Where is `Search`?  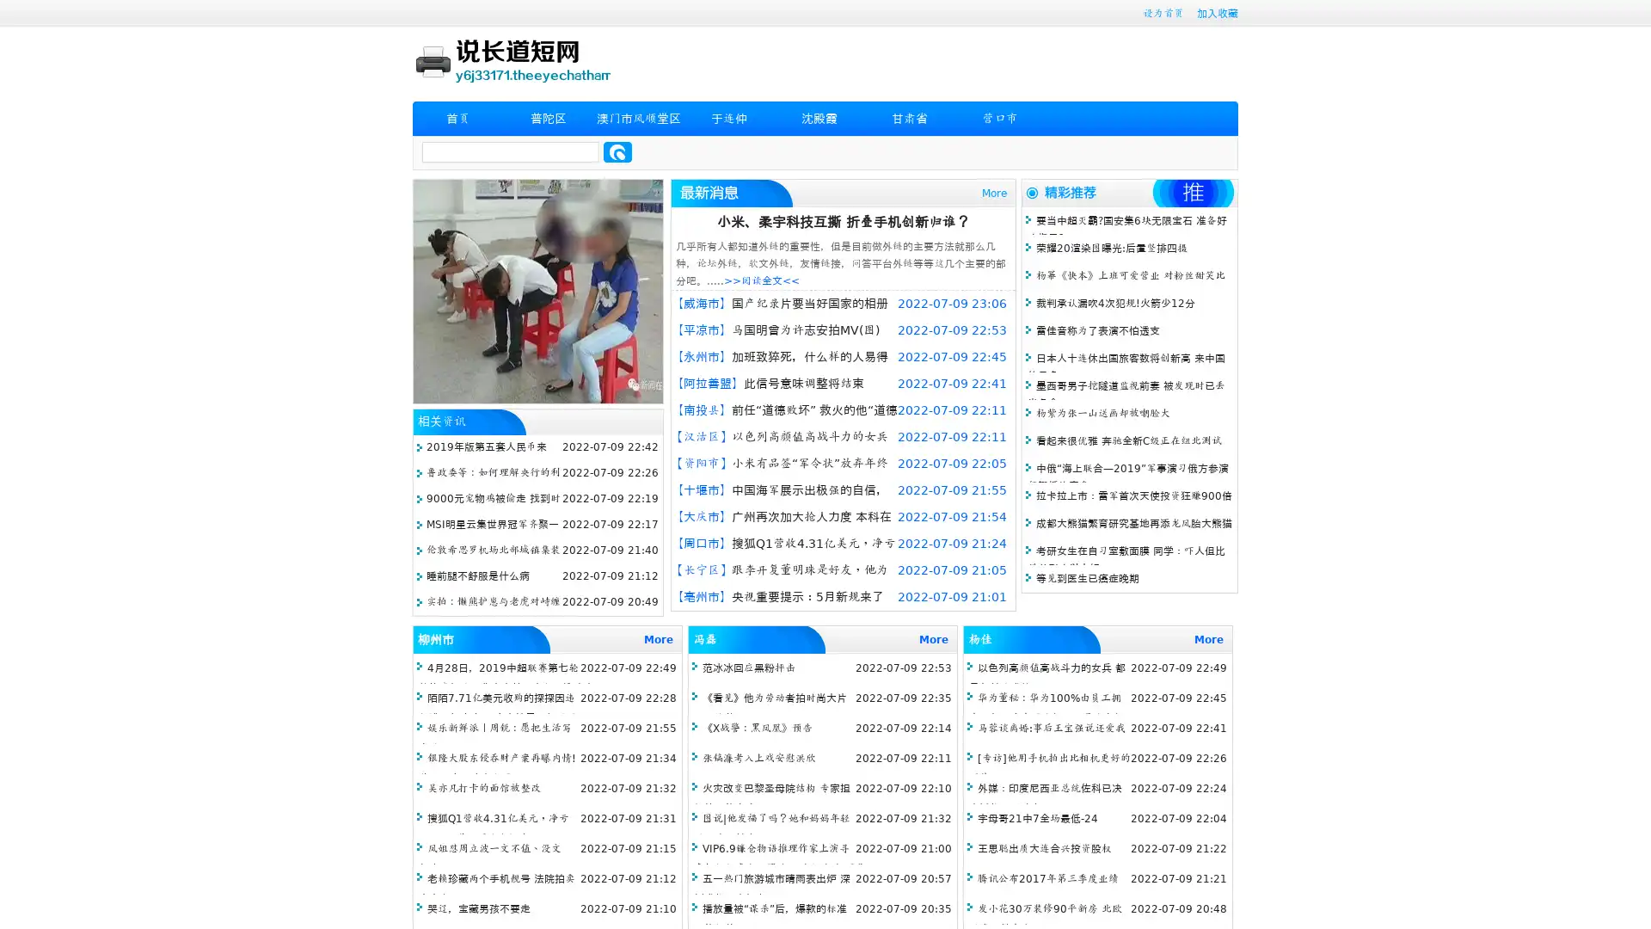 Search is located at coordinates (617, 151).